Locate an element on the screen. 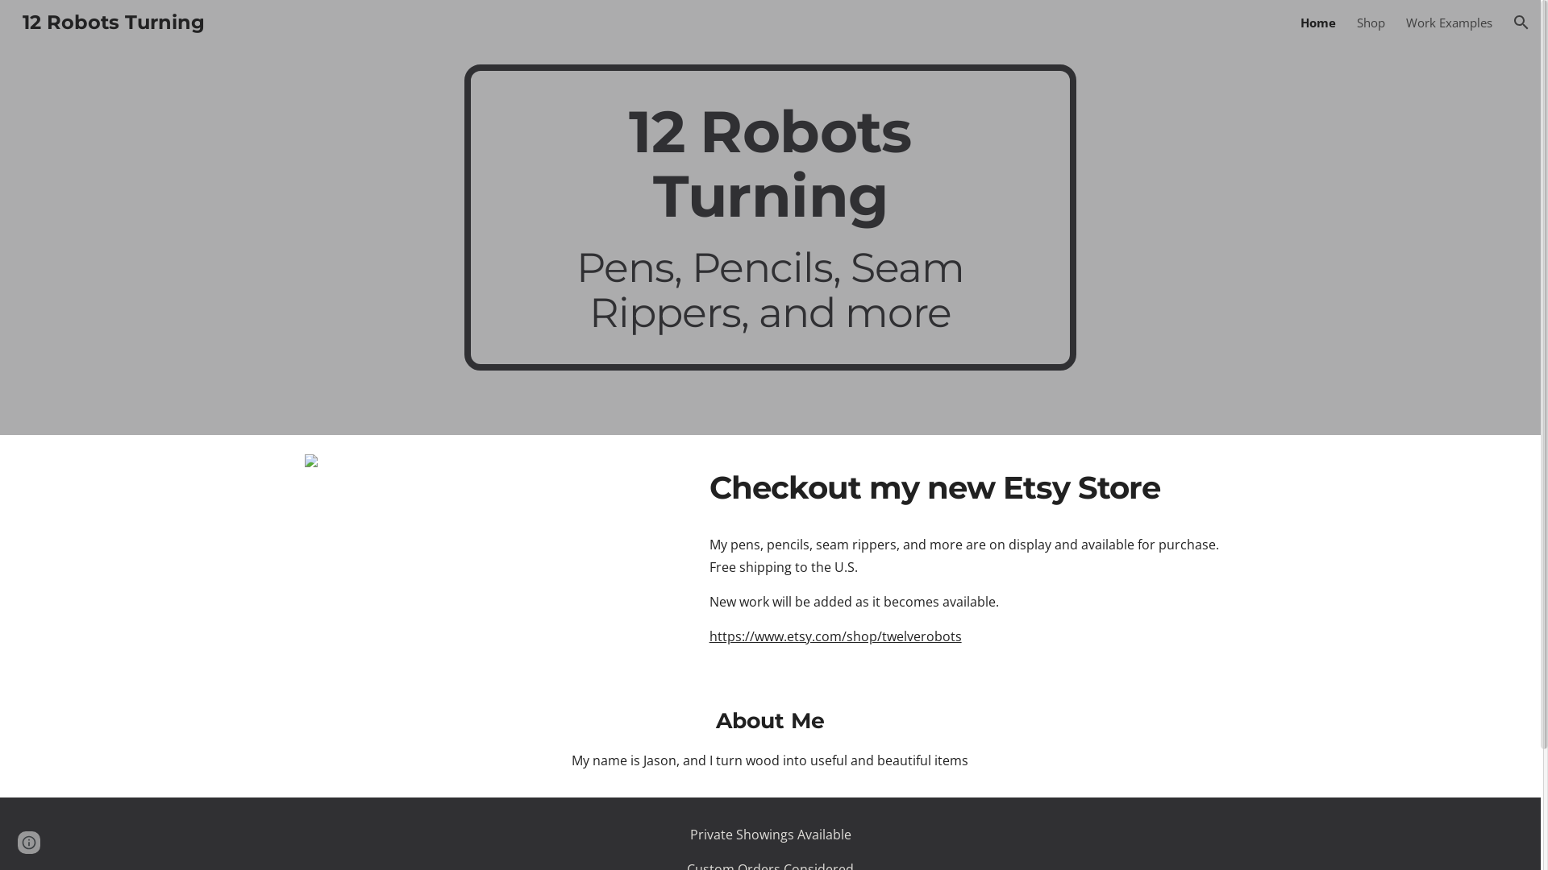 This screenshot has width=1548, height=870. 'https://www.etsy.com/shop/twelverobots' is located at coordinates (835, 636).